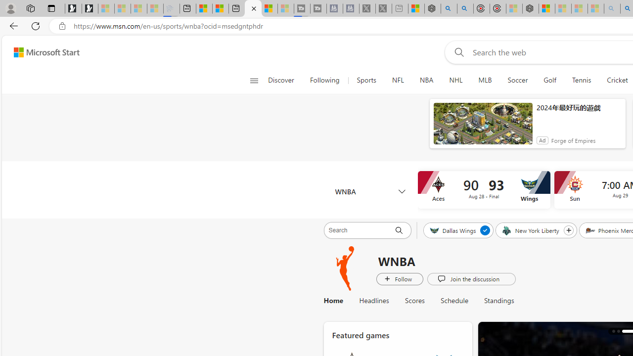 The width and height of the screenshot is (633, 356). What do you see at coordinates (453, 230) in the screenshot?
I see `'Dallas Wings'` at bounding box center [453, 230].